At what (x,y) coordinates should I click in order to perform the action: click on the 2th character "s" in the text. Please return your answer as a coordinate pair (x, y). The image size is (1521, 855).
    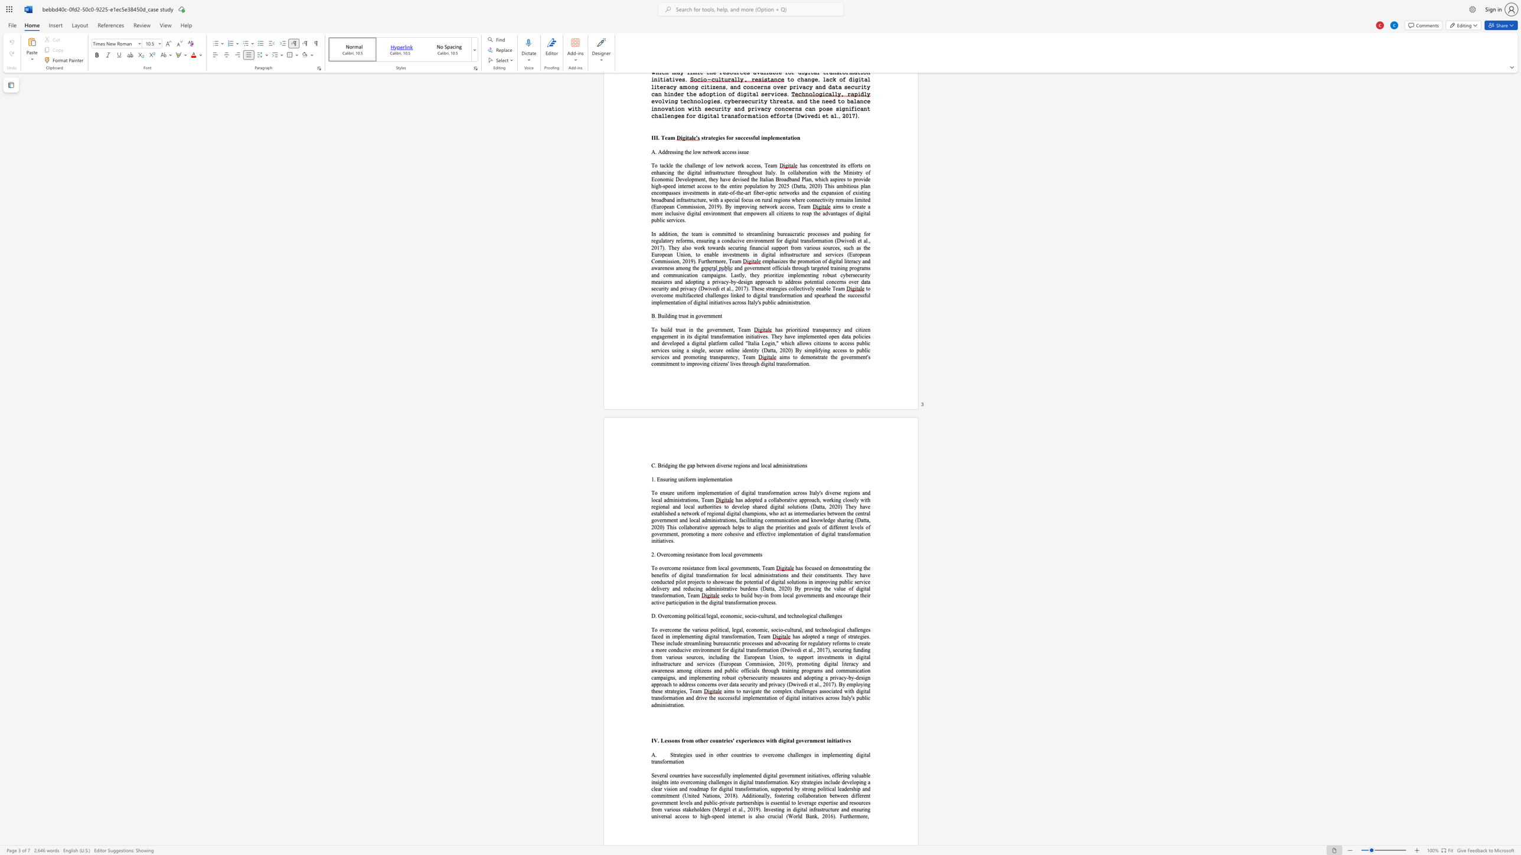
    Looking at the image, I should click on (815, 567).